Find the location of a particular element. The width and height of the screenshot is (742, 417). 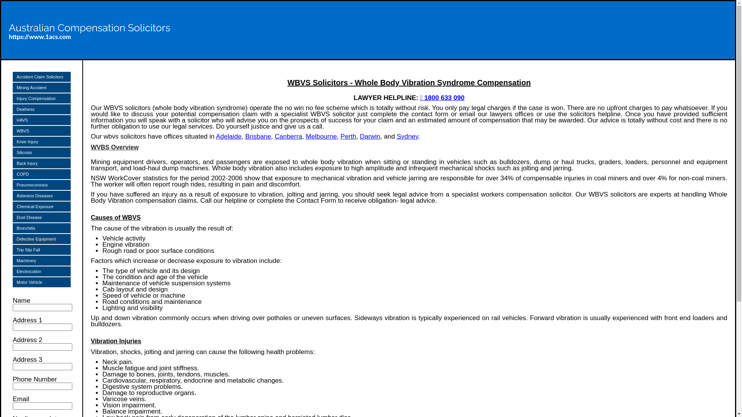

'Electrocution' is located at coordinates (13, 271).